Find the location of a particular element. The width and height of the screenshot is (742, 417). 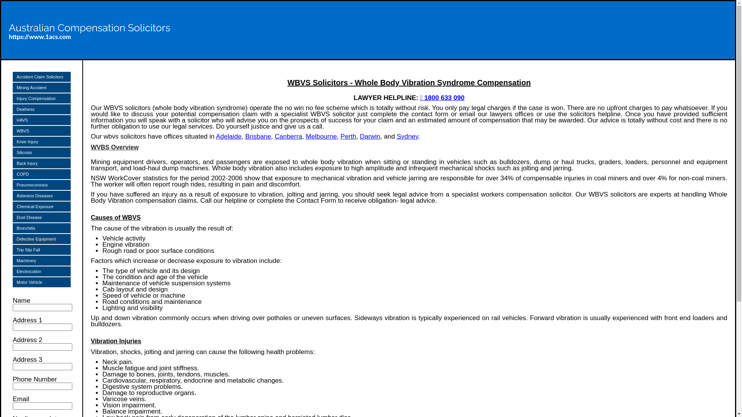

'Electrocution' is located at coordinates (13, 271).